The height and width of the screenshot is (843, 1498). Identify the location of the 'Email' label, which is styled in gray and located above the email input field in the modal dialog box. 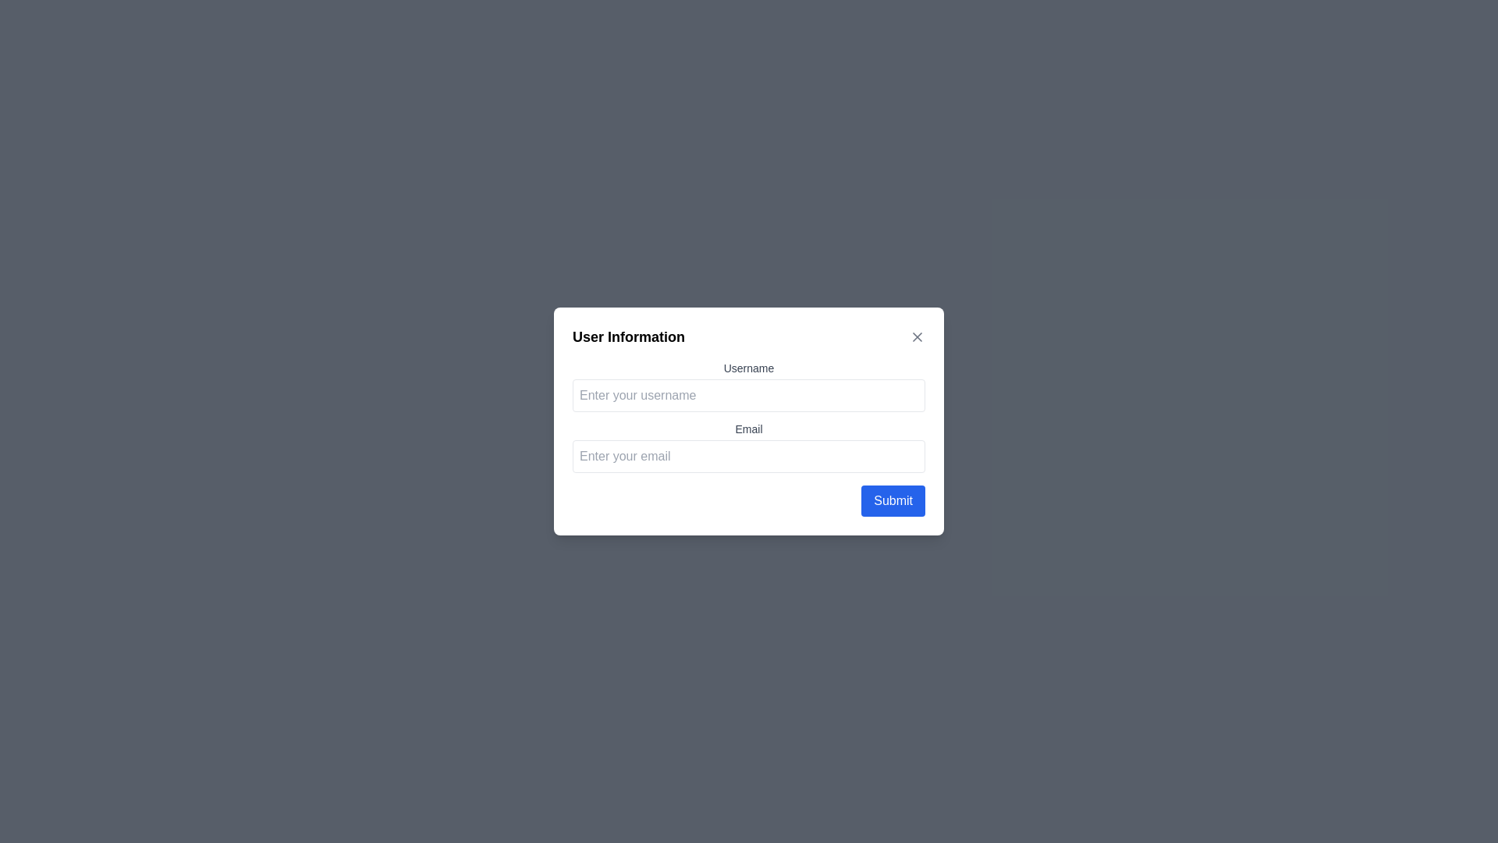
(749, 429).